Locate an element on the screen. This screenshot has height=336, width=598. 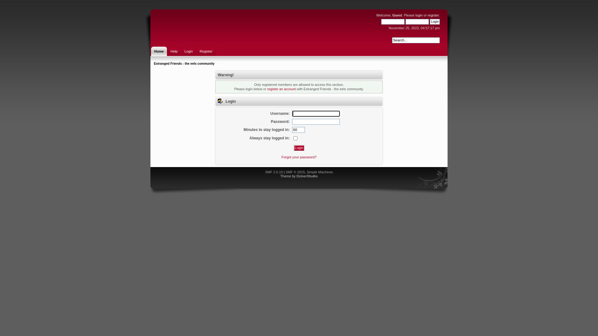
'login' is located at coordinates (419, 15).